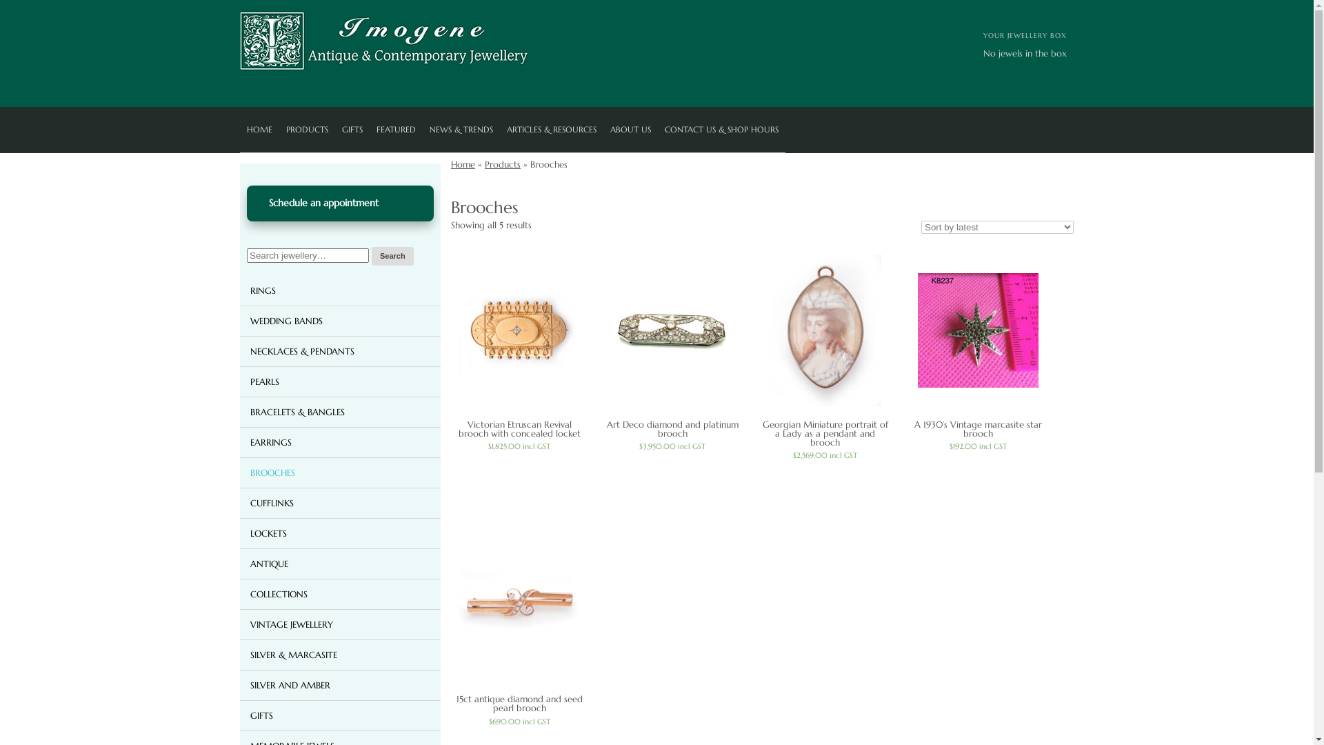  I want to click on 'COLLECTIONS', so click(340, 593).